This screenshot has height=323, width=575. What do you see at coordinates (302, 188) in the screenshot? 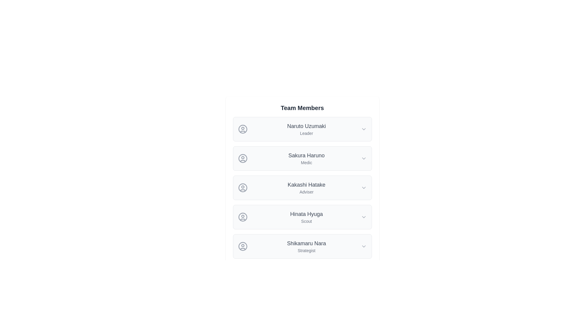
I see `the list item representing team member 'Kakashi Hatake'` at bounding box center [302, 188].